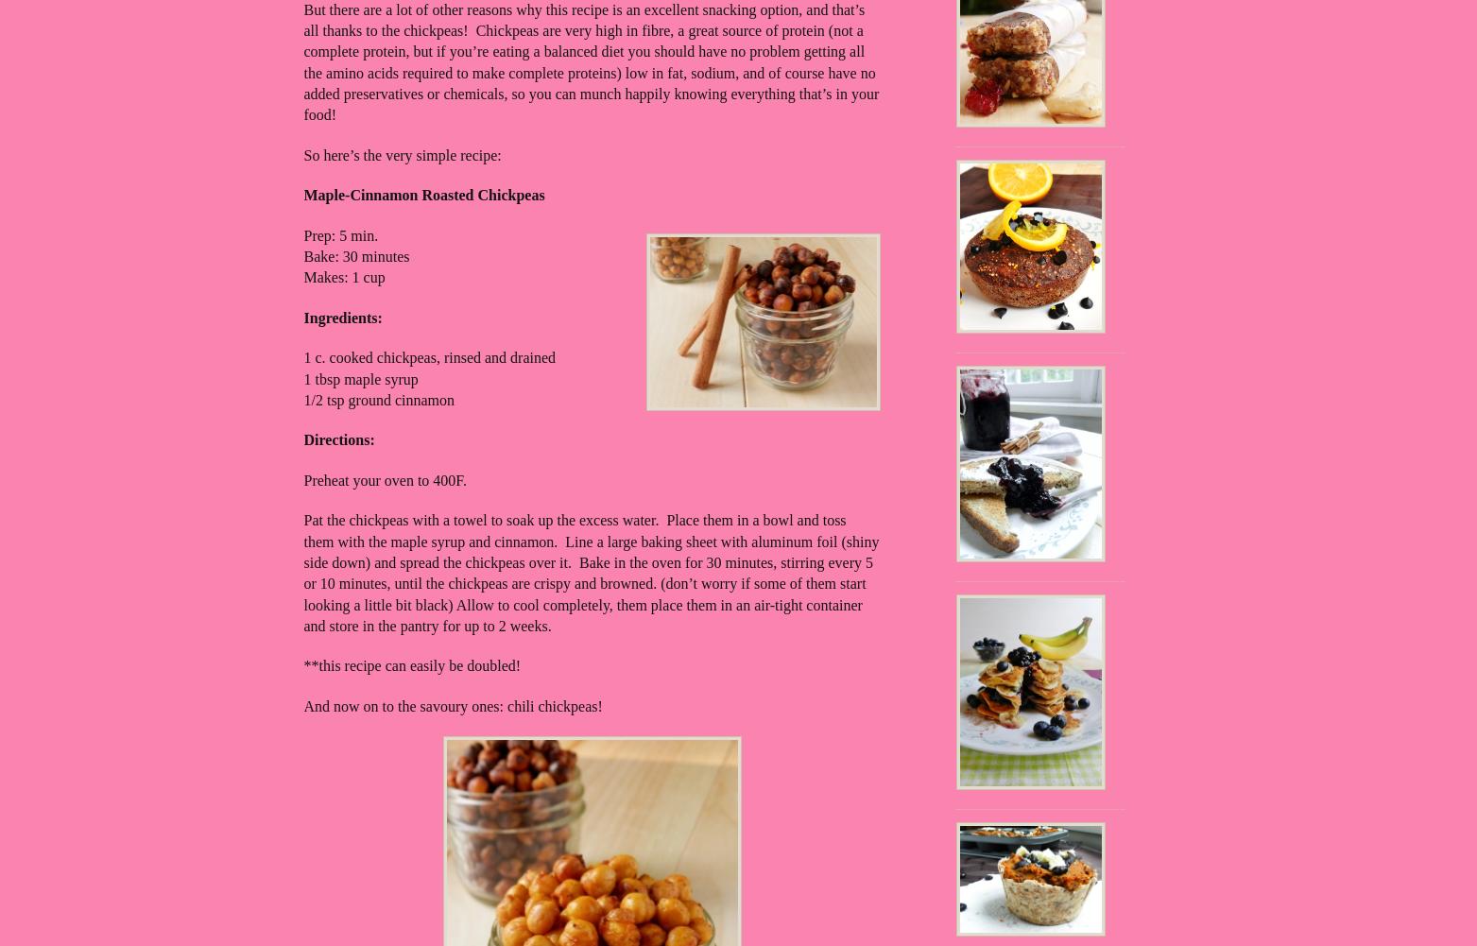 This screenshot has width=1477, height=946. Describe the element at coordinates (338, 439) in the screenshot. I see `'Directions:'` at that location.